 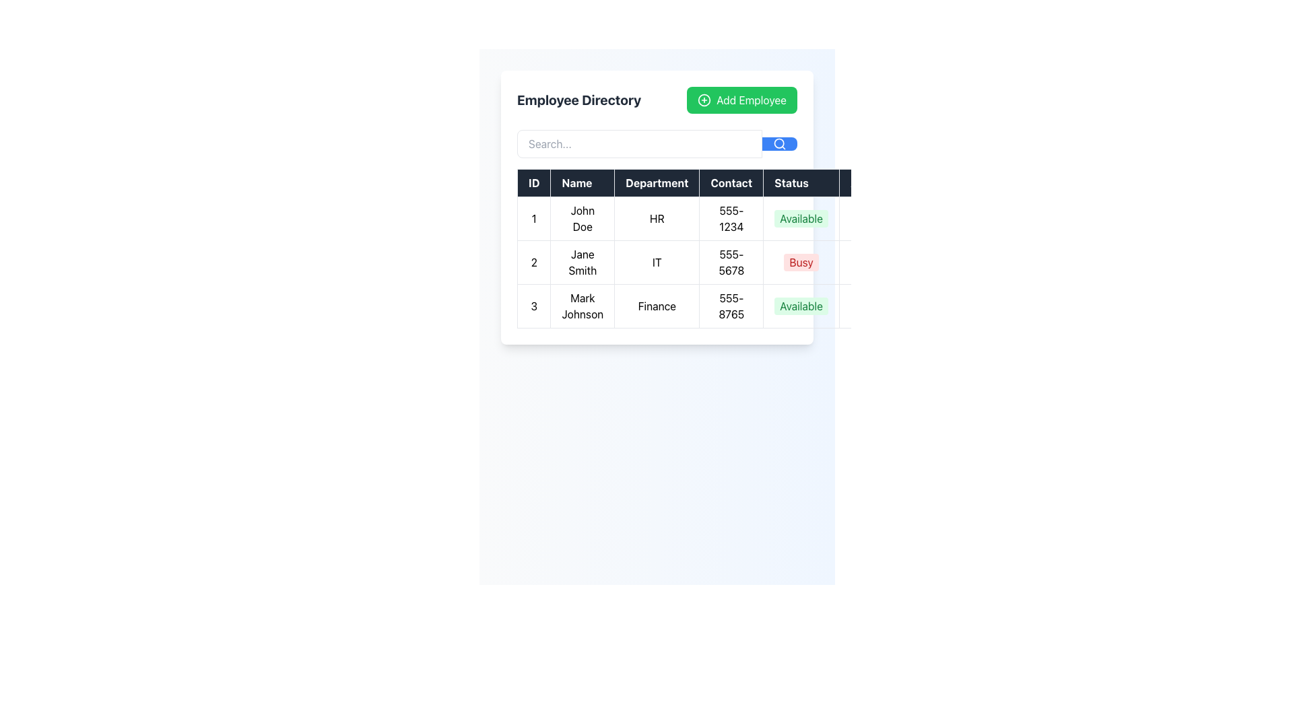 I want to click on the row corresponding to 'Jane Smith', so click(x=533, y=262).